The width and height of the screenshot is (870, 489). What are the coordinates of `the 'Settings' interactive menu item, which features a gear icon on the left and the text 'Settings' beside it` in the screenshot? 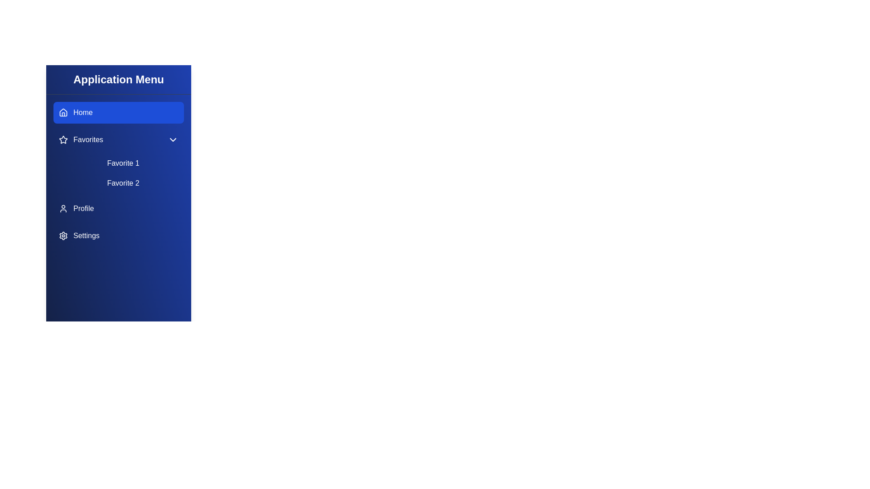 It's located at (79, 235).